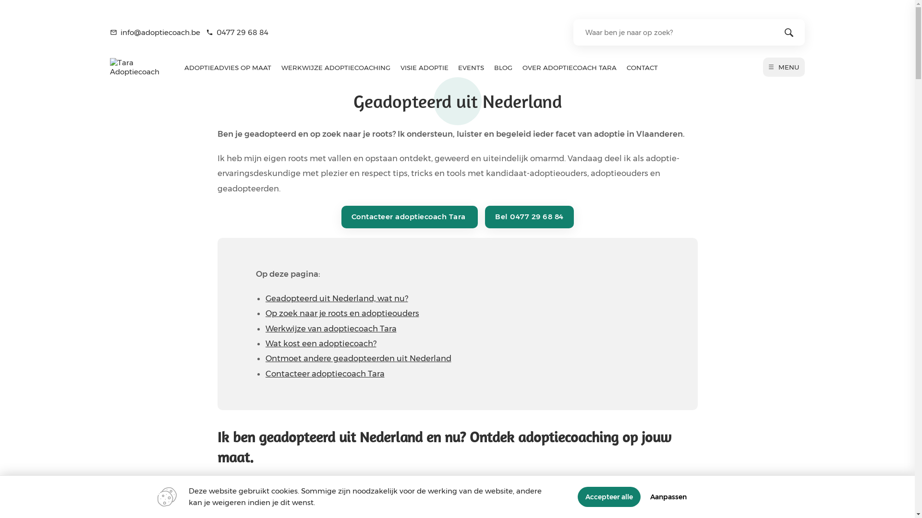  I want to click on 'BLOG', so click(503, 67).